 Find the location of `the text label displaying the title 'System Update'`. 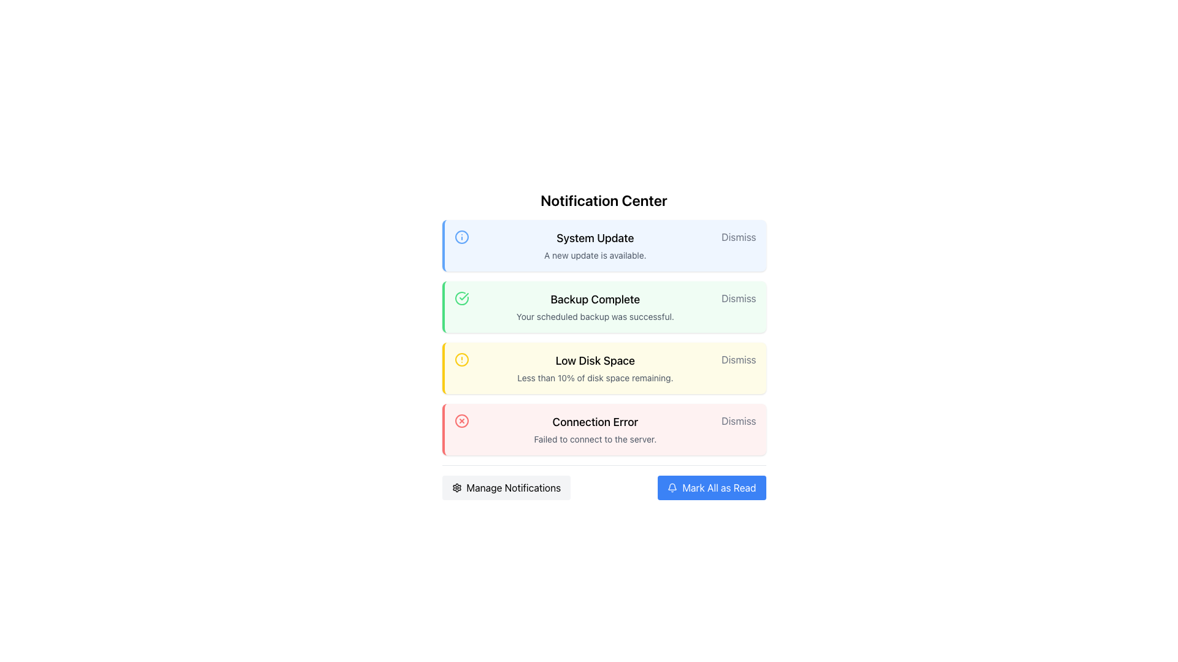

the text label displaying the title 'System Update' is located at coordinates (595, 238).